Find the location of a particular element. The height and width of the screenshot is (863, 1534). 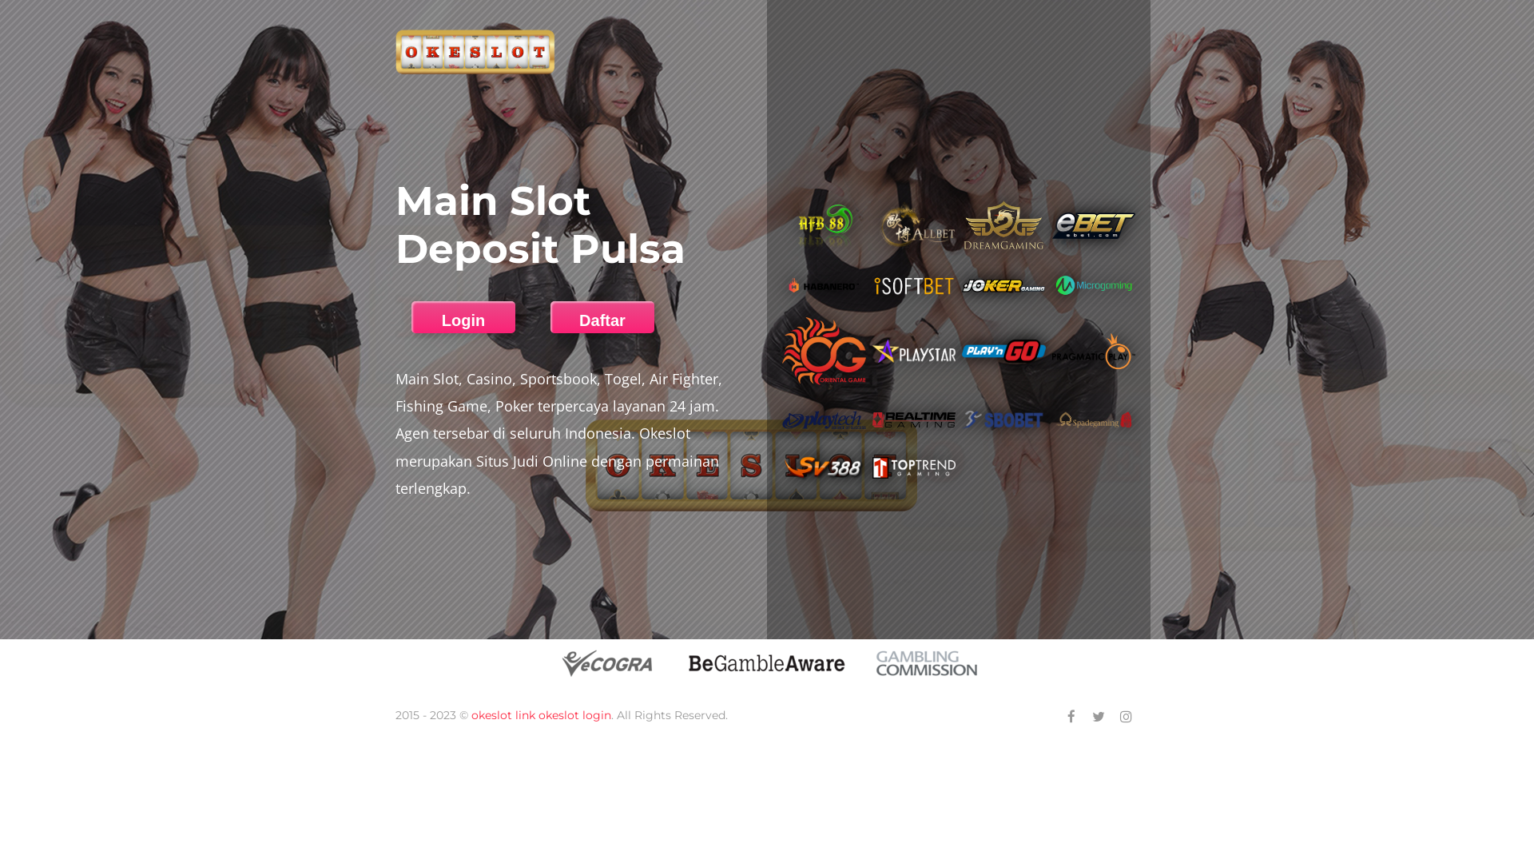

'Daftar' is located at coordinates (534, 321).